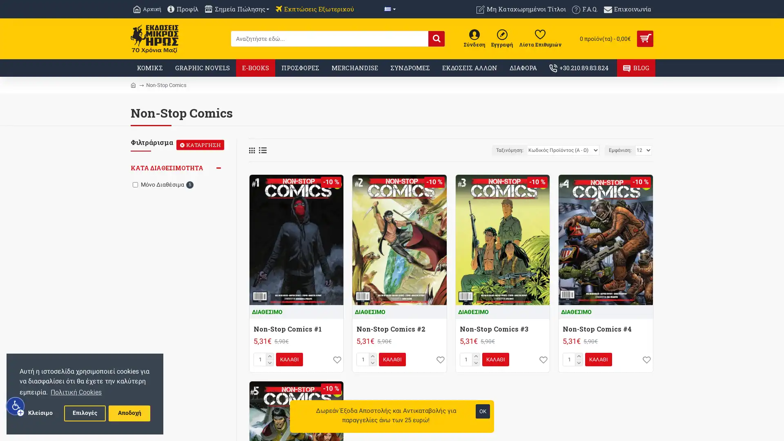 Image resolution: width=784 pixels, height=441 pixels. What do you see at coordinates (129, 413) in the screenshot?
I see `allow cookies` at bounding box center [129, 413].